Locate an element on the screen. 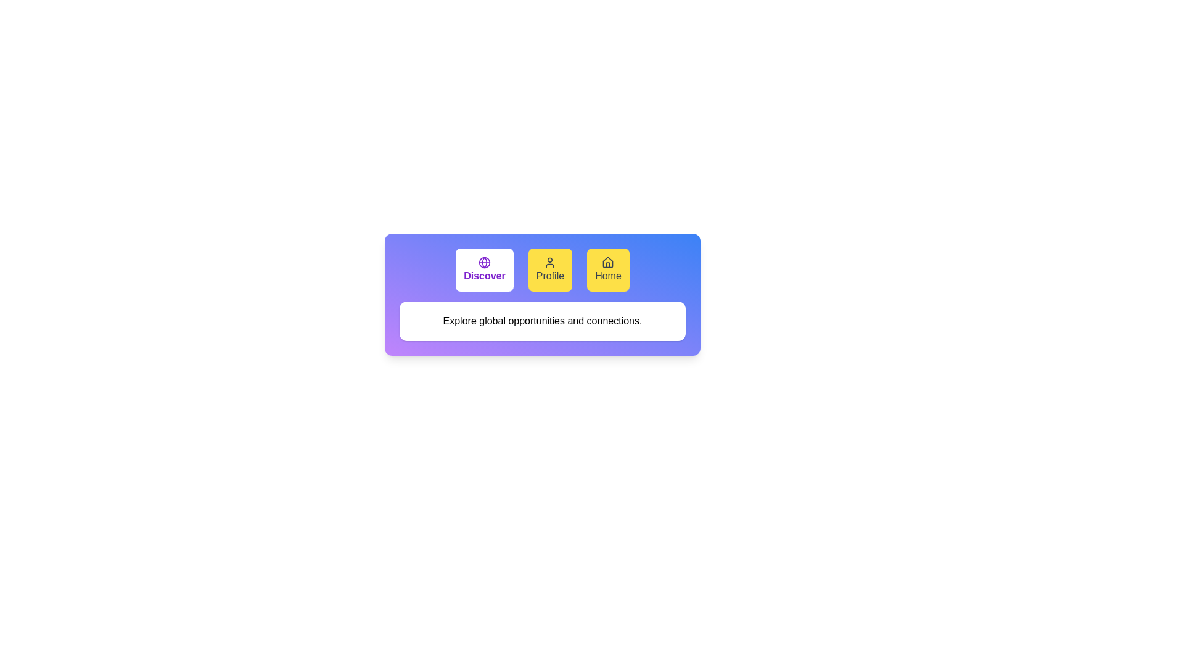 Image resolution: width=1184 pixels, height=666 pixels. the 'Profile' button represented by the yellow square icon is located at coordinates (549, 261).